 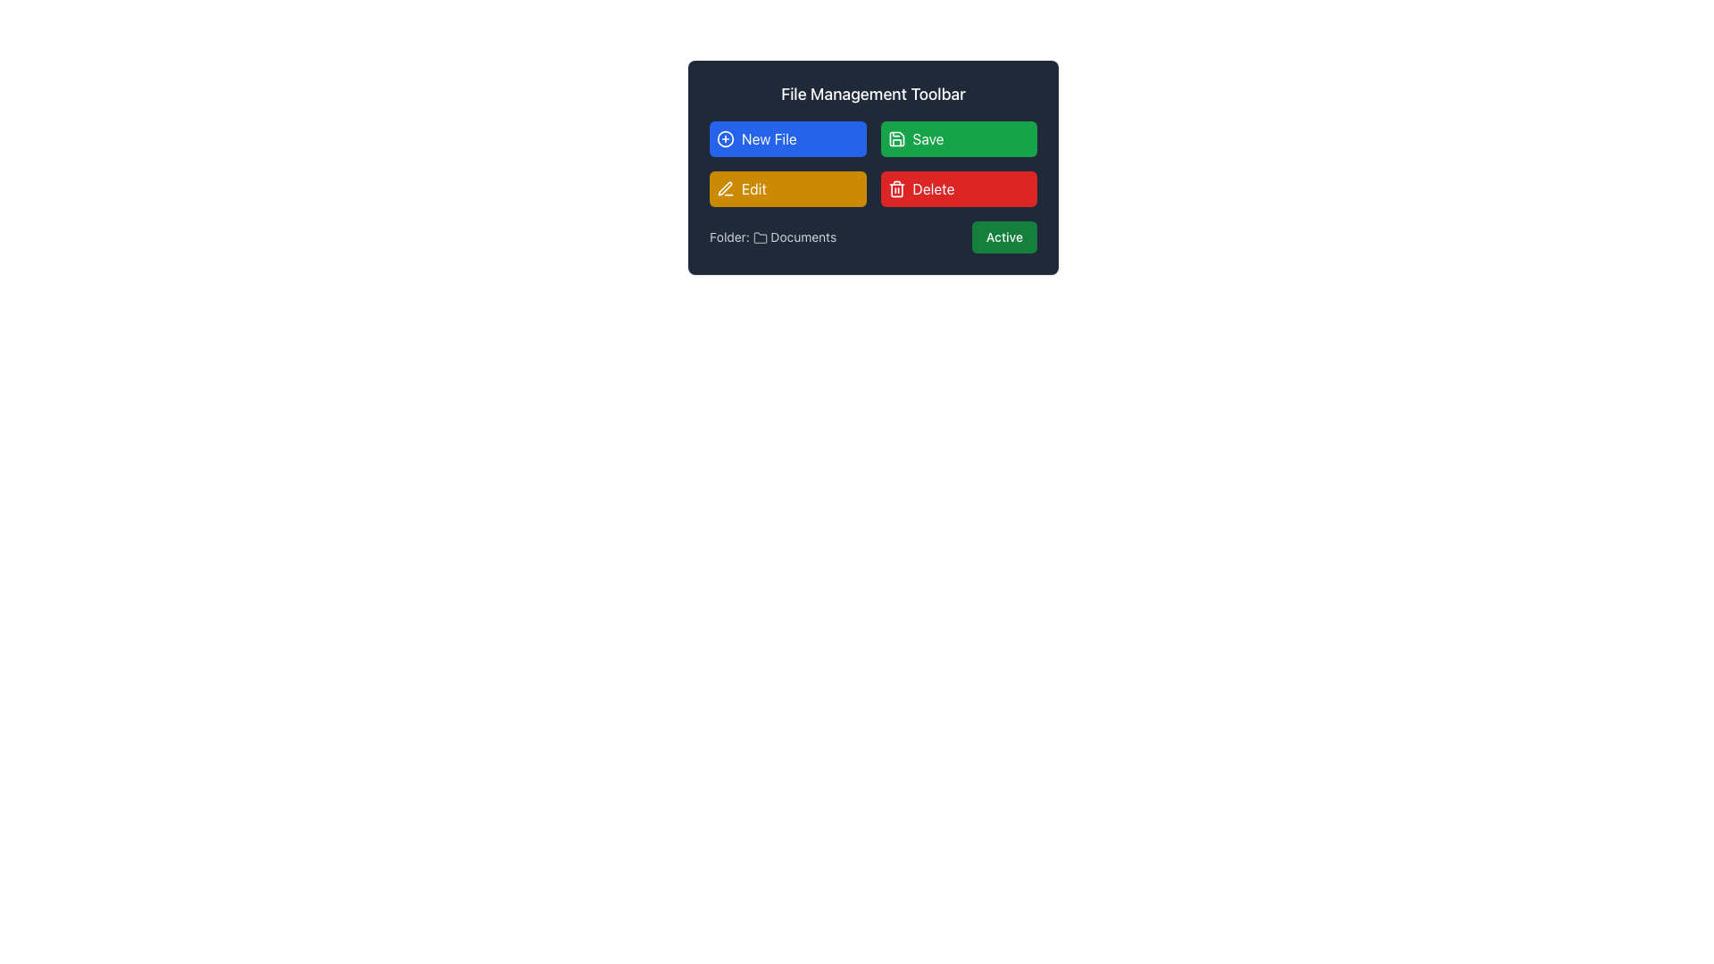 What do you see at coordinates (896, 137) in the screenshot?
I see `the save icon, which is a small white vector graphic styled icon on the left side of the 'Save' button with a green background and white text` at bounding box center [896, 137].